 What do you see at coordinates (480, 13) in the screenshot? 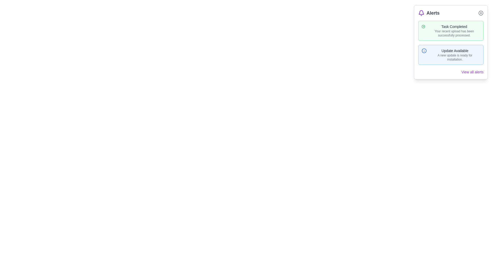
I see `the decorative circle element that is part of the close button design located in the top-right corner of the 'Alerts' panel` at bounding box center [480, 13].